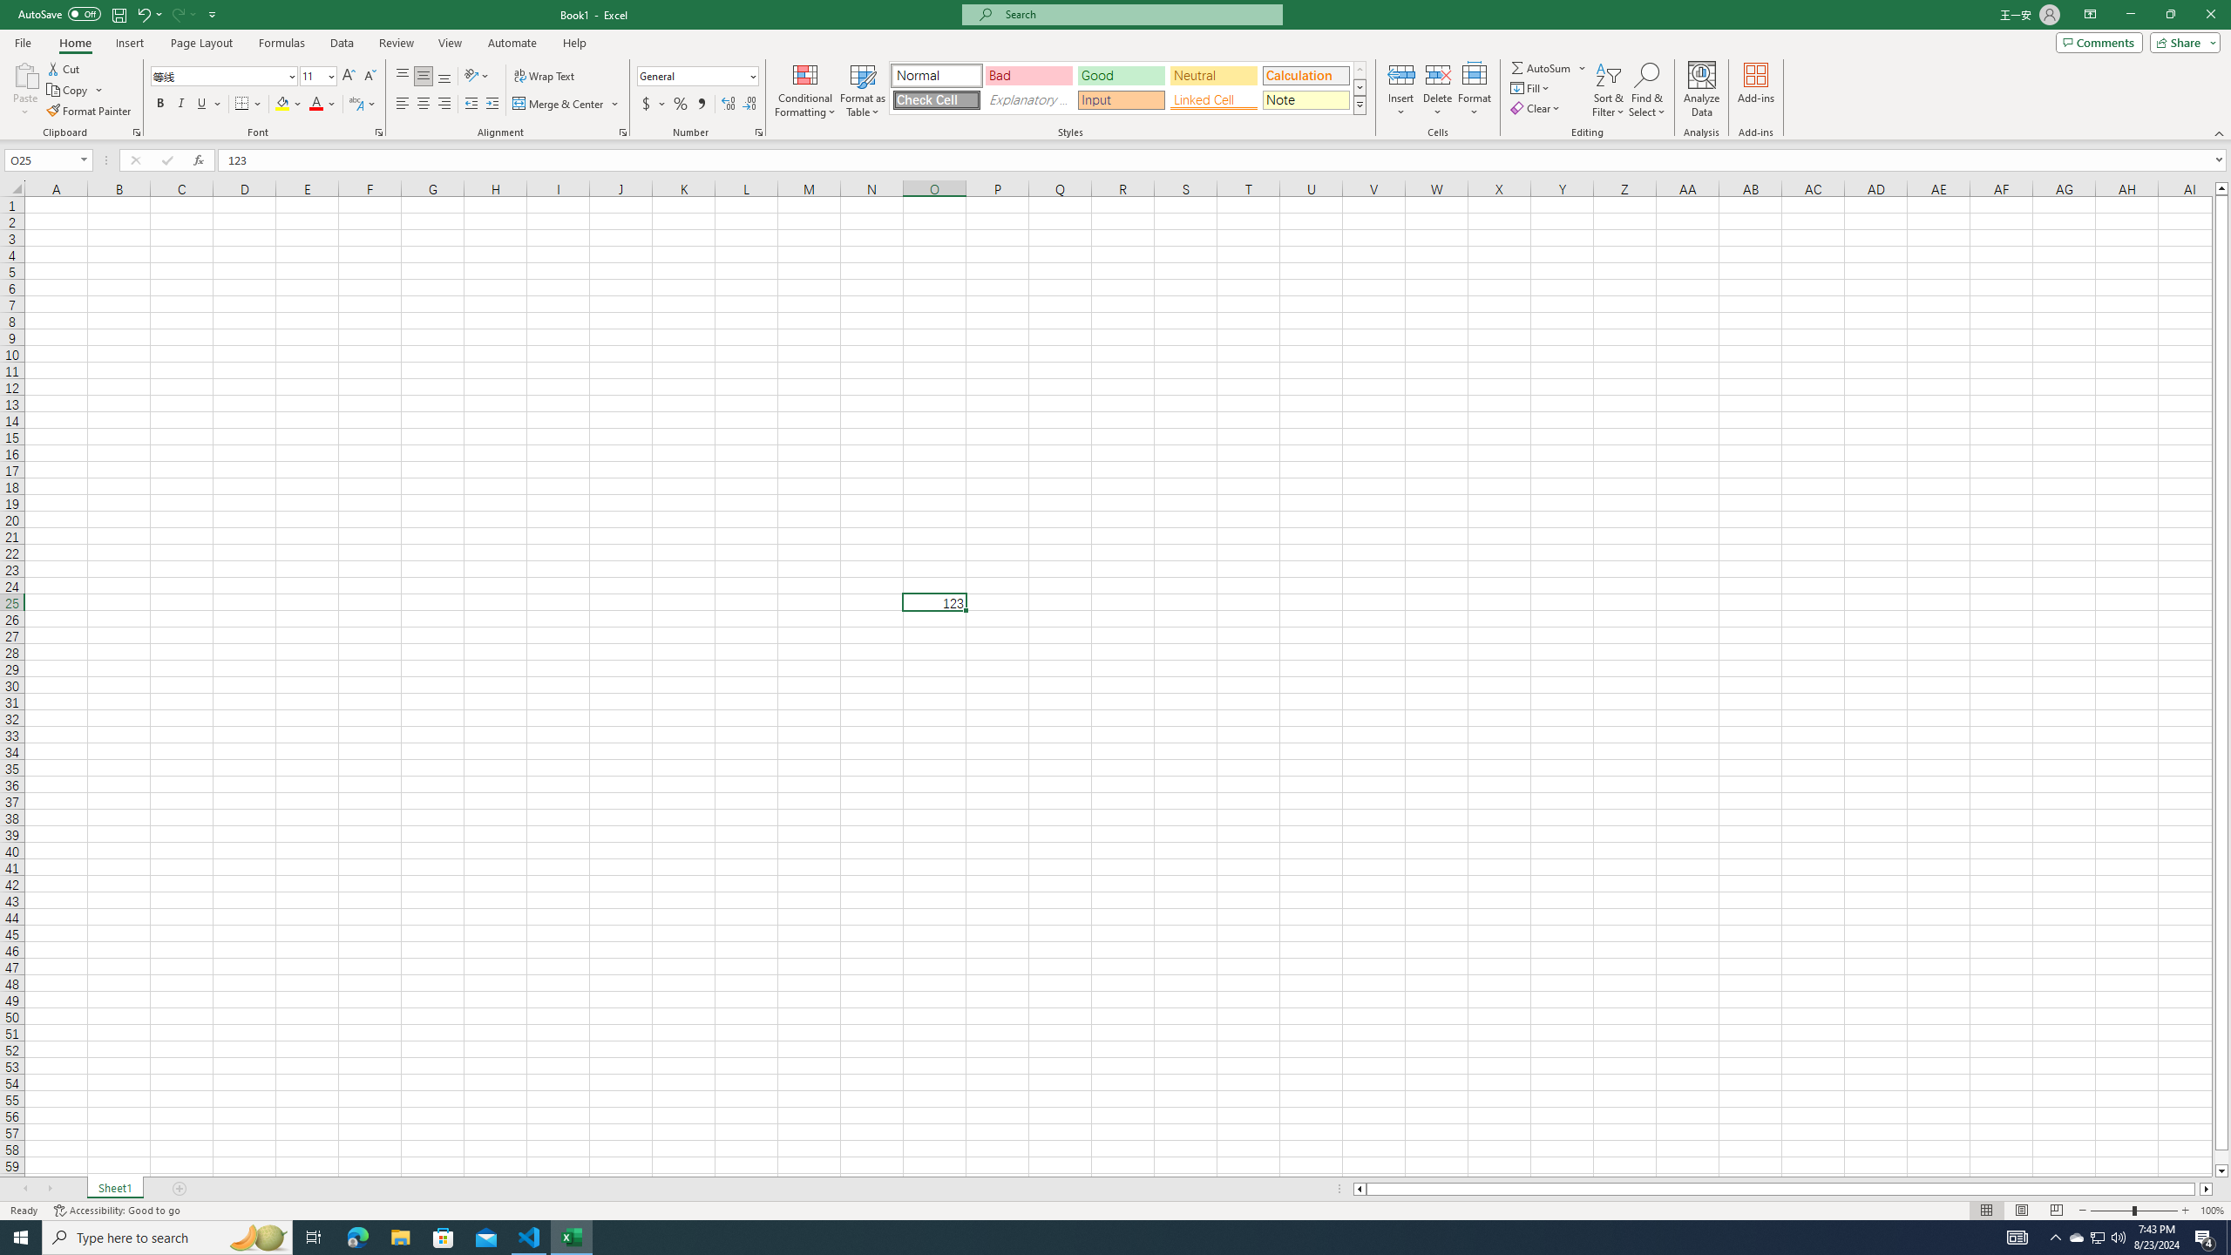  I want to click on 'Merge & Center', so click(566, 103).